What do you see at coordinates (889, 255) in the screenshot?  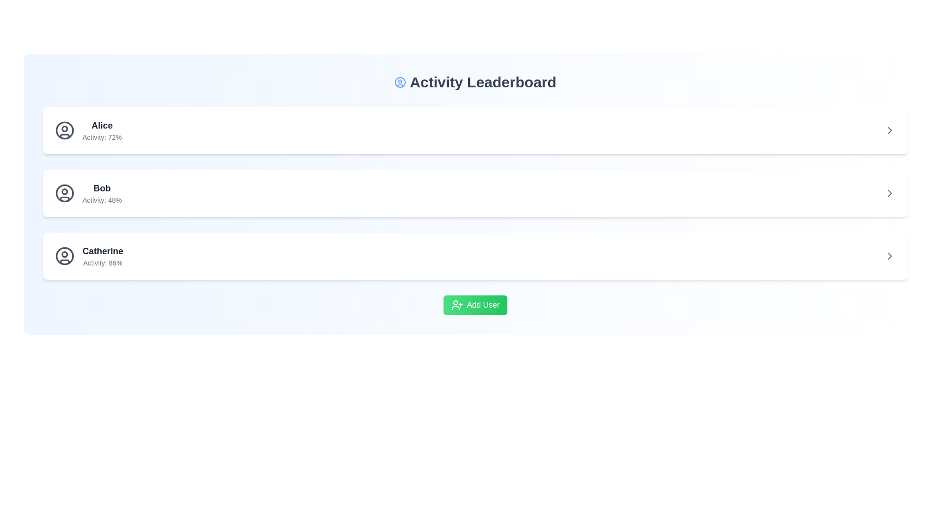 I see `the Chevron right navigation icon located at the bottom-most section of the activity list, aligned with the 'Catherine' activity entry` at bounding box center [889, 255].